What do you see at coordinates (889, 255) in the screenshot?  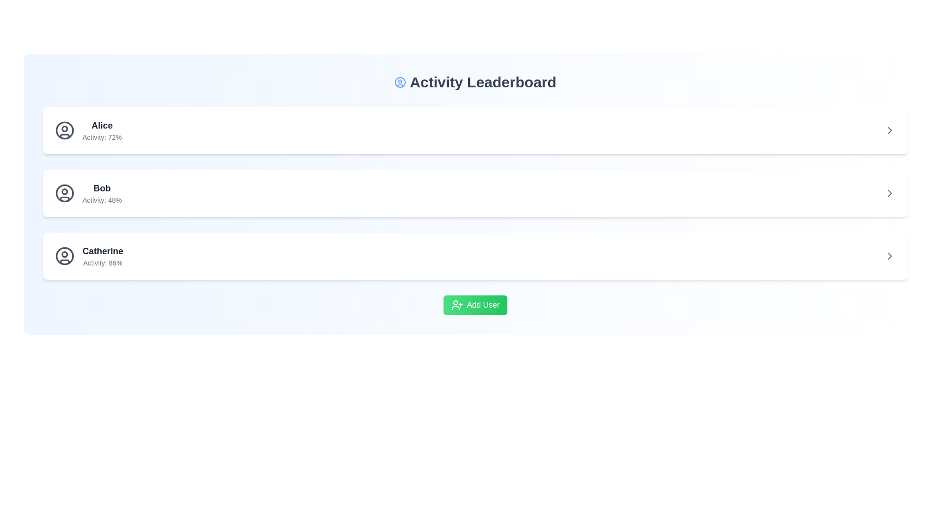 I see `the Chevron right navigation icon located at the bottom-most section of the activity list, aligned with the 'Catherine' activity entry` at bounding box center [889, 255].